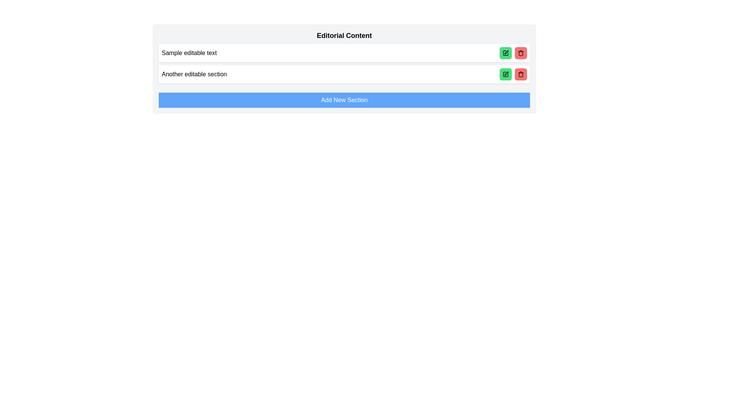 The width and height of the screenshot is (729, 410). Describe the element at coordinates (521, 52) in the screenshot. I see `the delete icon button located on the right side of a content row, adjacent to the green edit button` at that location.